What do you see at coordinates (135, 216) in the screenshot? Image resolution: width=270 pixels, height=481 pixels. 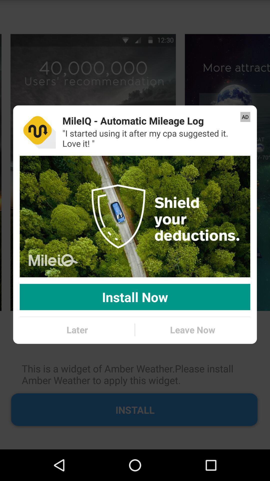 I see `the item below the i started using icon` at bounding box center [135, 216].